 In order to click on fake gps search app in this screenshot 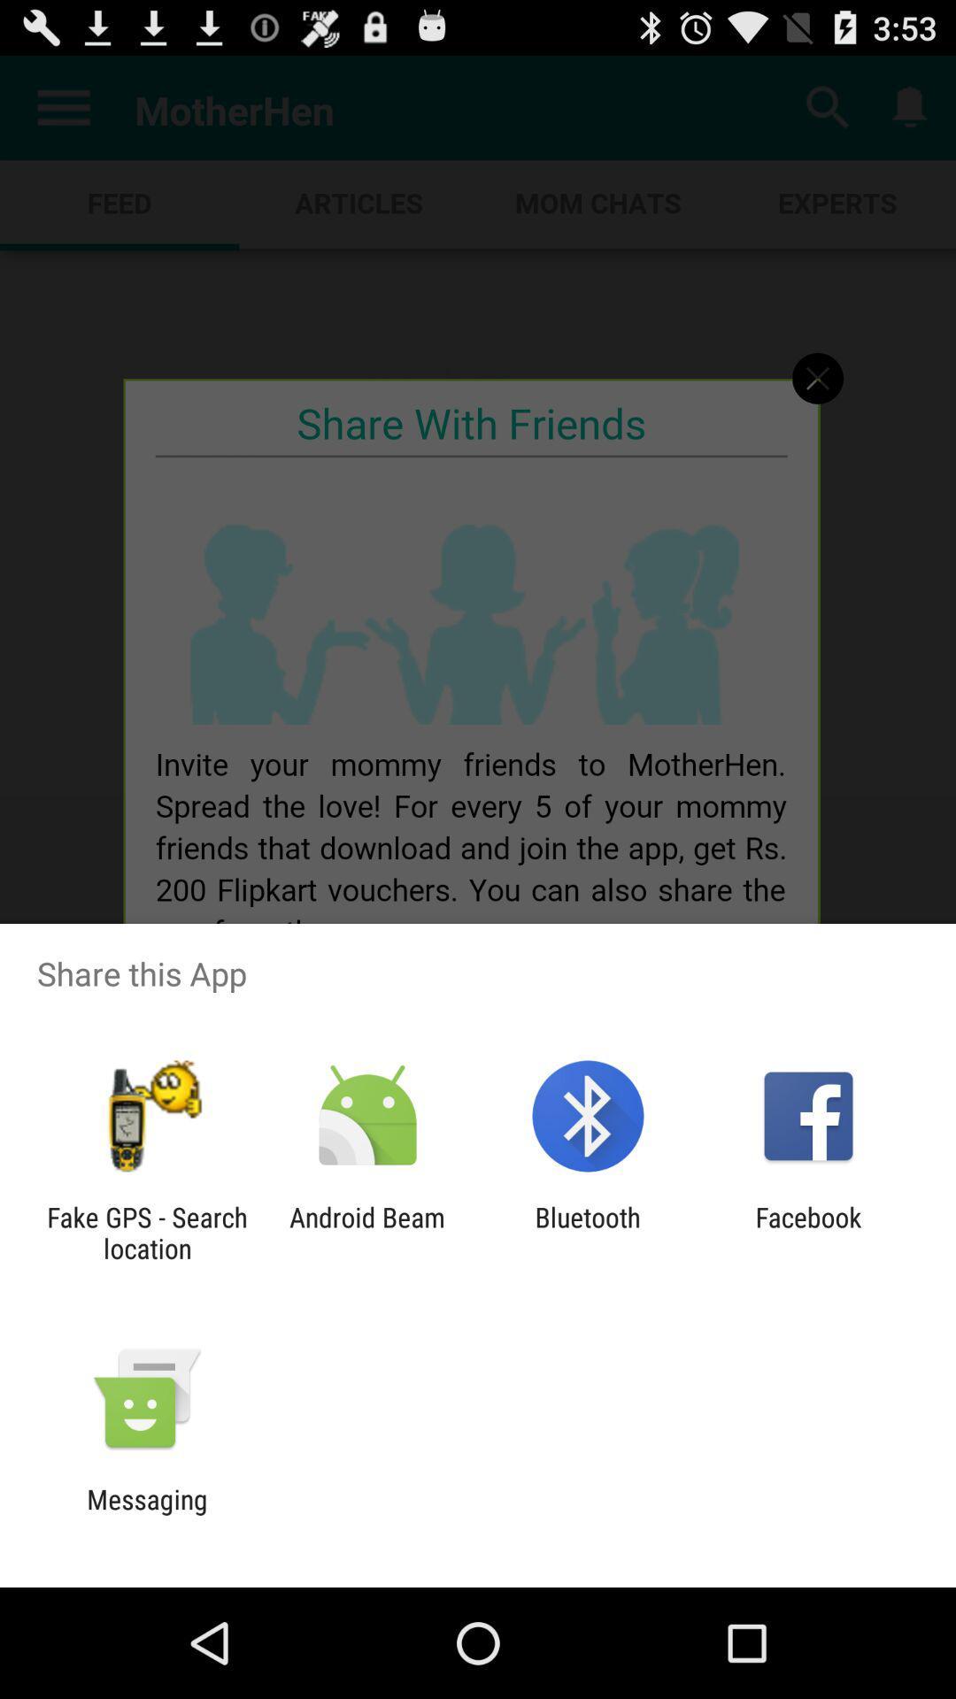, I will do `click(146, 1232)`.